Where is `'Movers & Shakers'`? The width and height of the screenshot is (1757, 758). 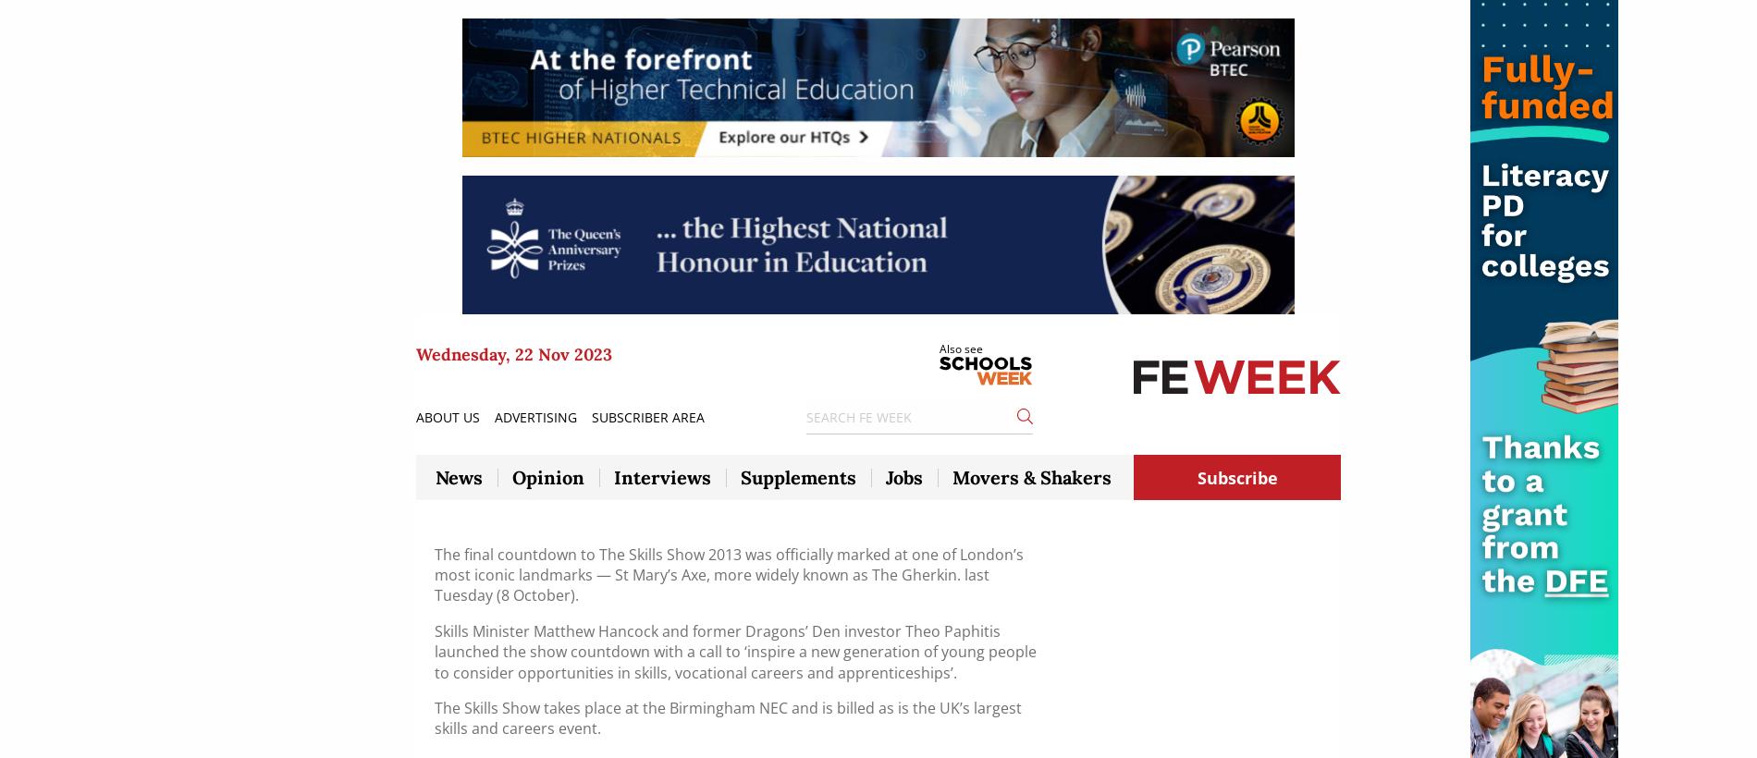
'Movers & Shakers' is located at coordinates (952, 475).